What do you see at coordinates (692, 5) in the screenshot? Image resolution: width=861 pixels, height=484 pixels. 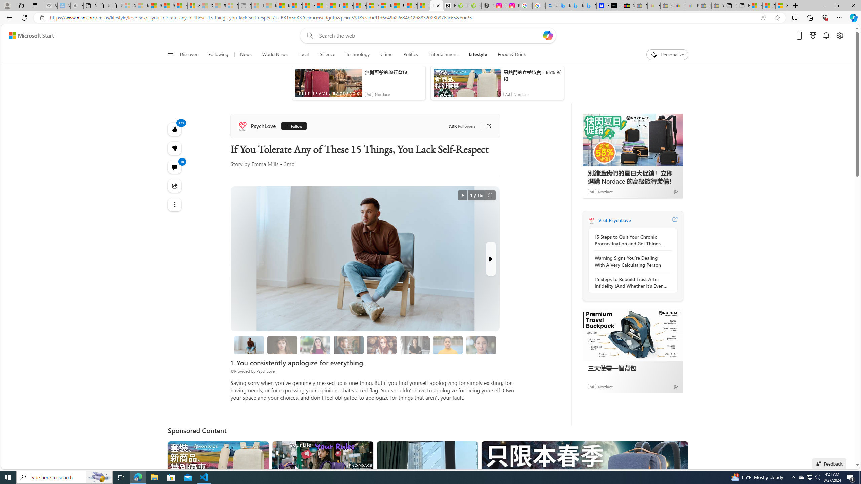 I see `'Payments Terms of Use | eBay.com - Sleeping'` at bounding box center [692, 5].